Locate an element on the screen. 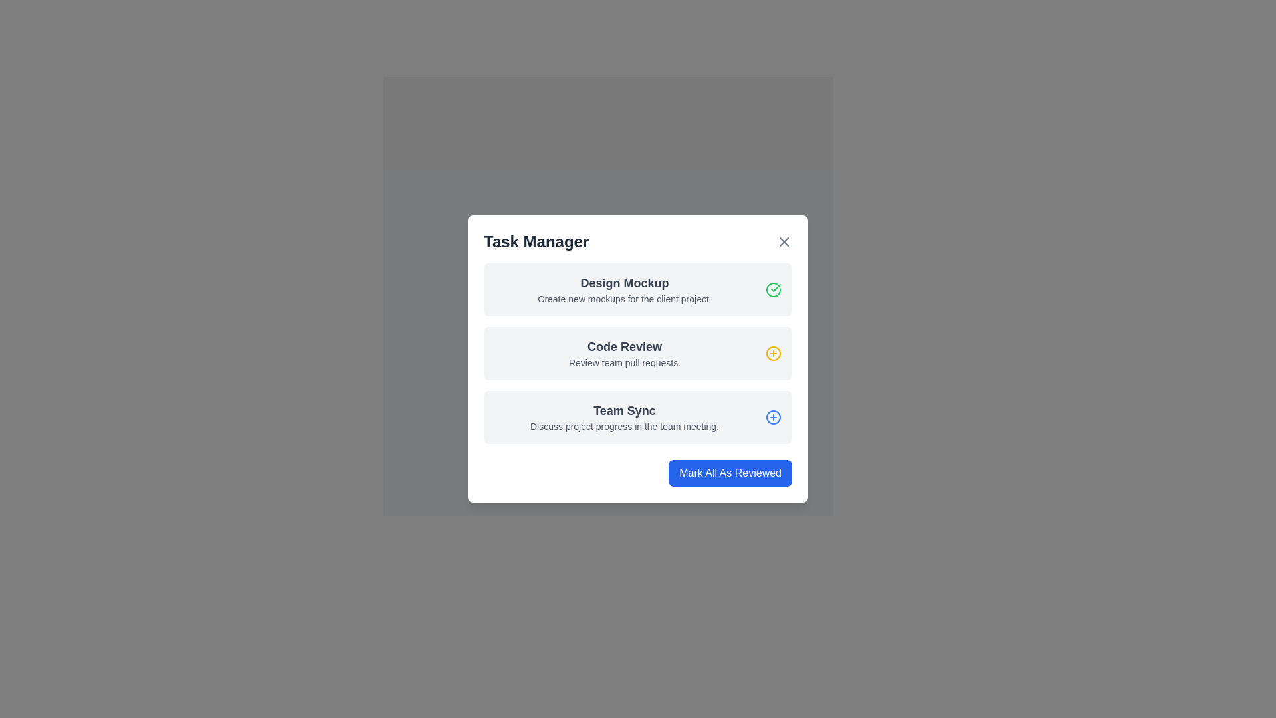 The width and height of the screenshot is (1276, 718). the gray text label located below the bold title 'Design Mockup' in the 'Task Manager' dialog box is located at coordinates (624, 299).